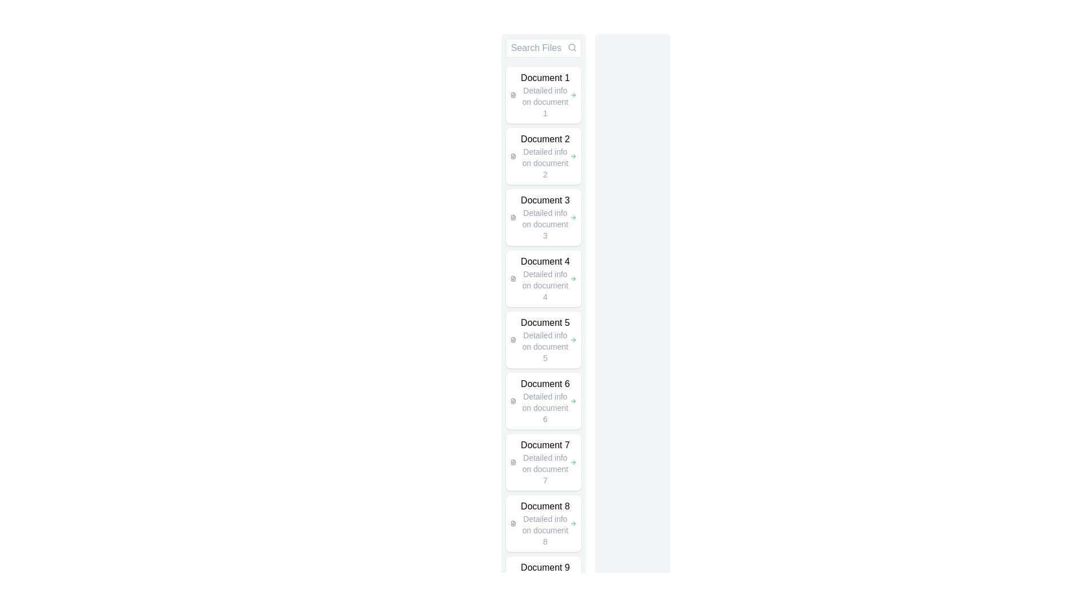 The width and height of the screenshot is (1089, 612). What do you see at coordinates (573, 156) in the screenshot?
I see `the navigation button located at the far right end of the 'Document 2' card to proceed to the next page or section related to 'Document 2'` at bounding box center [573, 156].